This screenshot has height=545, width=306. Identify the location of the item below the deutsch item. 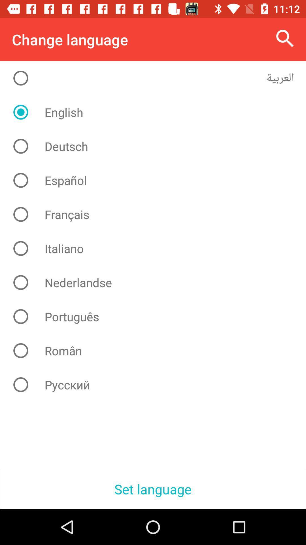
(157, 180).